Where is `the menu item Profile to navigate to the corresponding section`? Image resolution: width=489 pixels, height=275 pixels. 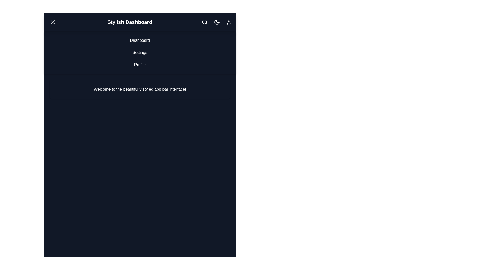
the menu item Profile to navigate to the corresponding section is located at coordinates (140, 64).